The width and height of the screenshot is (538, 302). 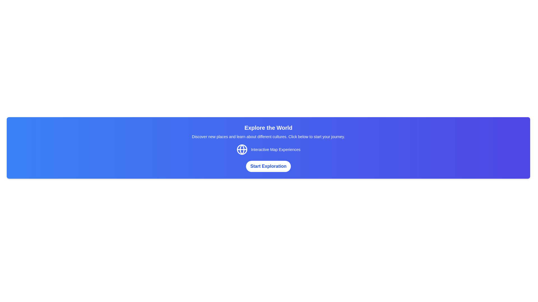 What do you see at coordinates (242, 149) in the screenshot?
I see `the Circle element, which is positioned in the center of the globe icon, located between 'Interactive Map Experiences' and 'Explore the World', above the 'Start Exploration' button` at bounding box center [242, 149].